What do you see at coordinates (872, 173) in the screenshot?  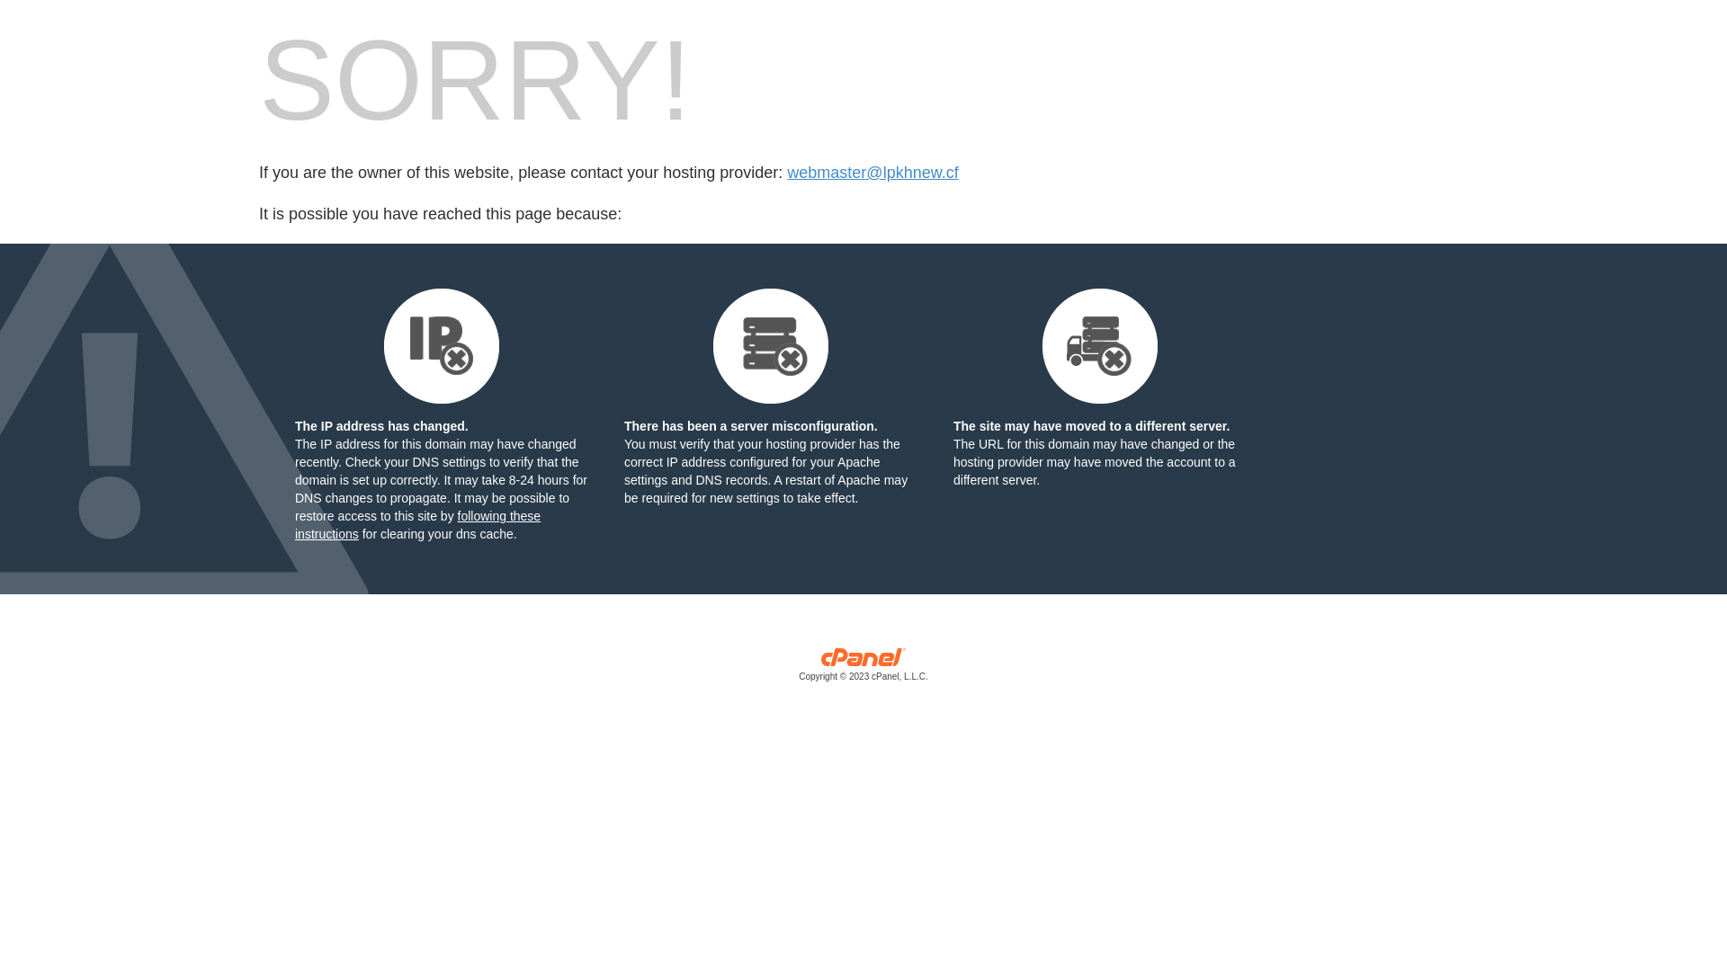 I see `'webmaster@lpkhnew.cf'` at bounding box center [872, 173].